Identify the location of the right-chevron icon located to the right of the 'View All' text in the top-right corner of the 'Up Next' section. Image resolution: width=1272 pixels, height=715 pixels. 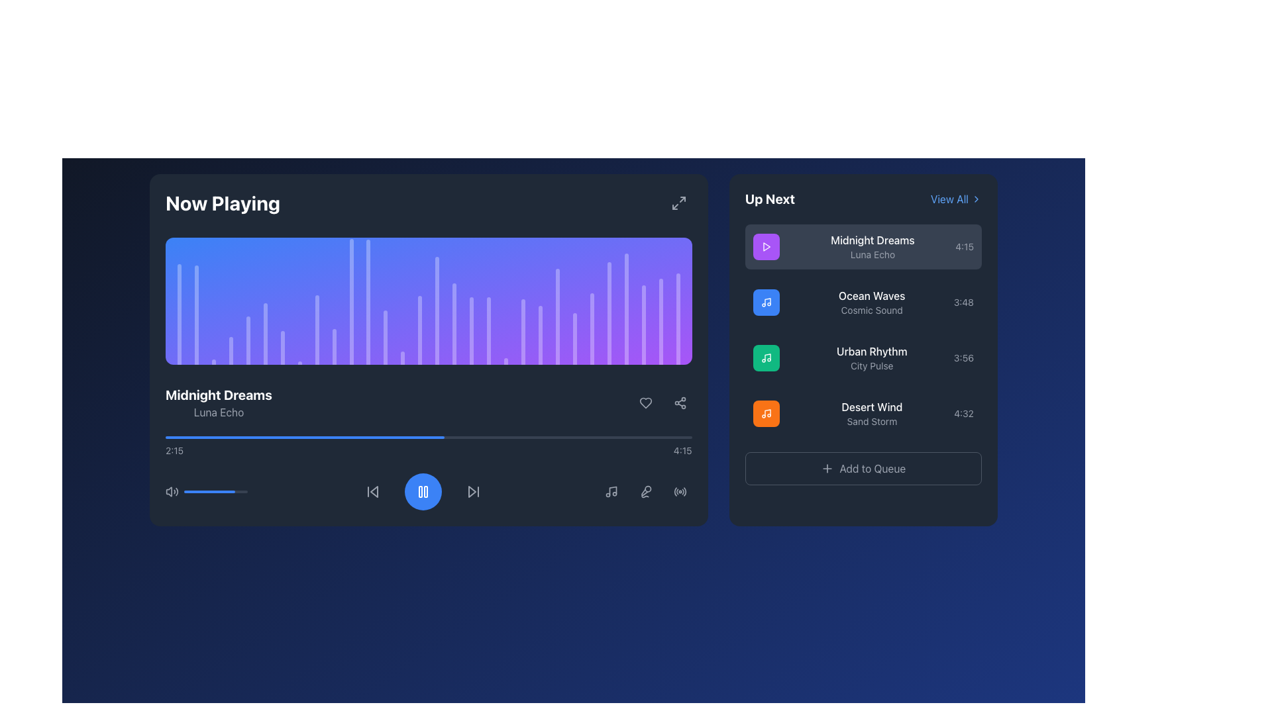
(976, 199).